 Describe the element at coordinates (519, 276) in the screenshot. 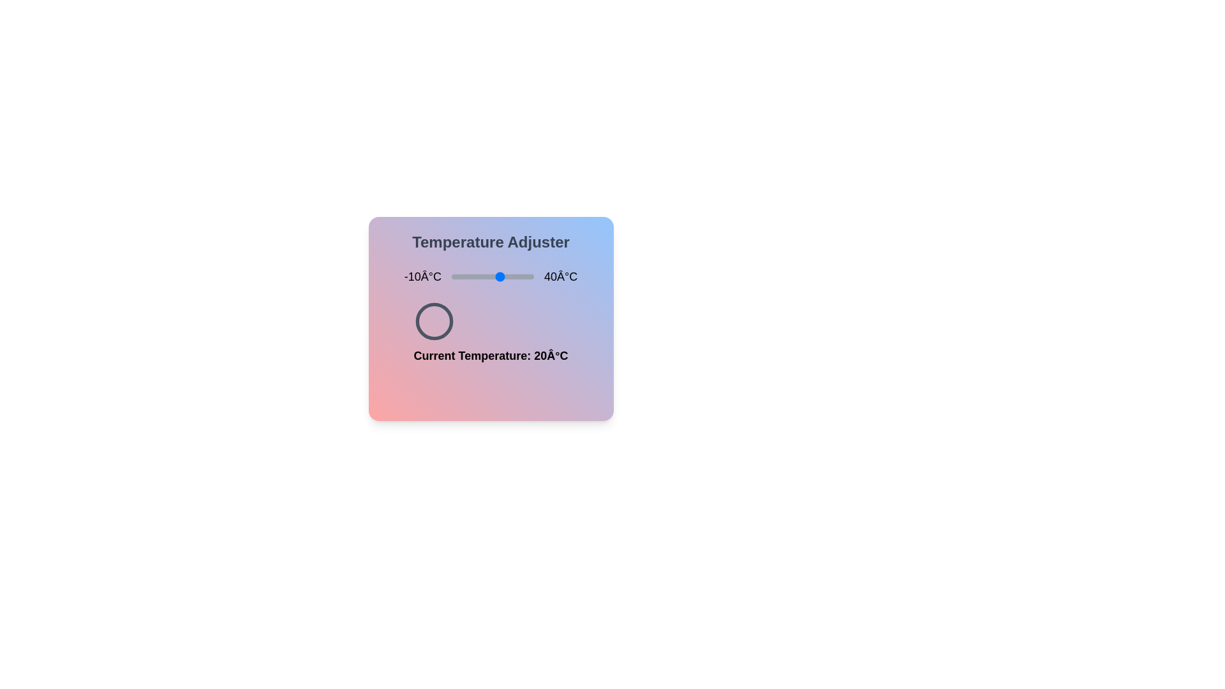

I see `the temperature slider to 31°C` at that location.